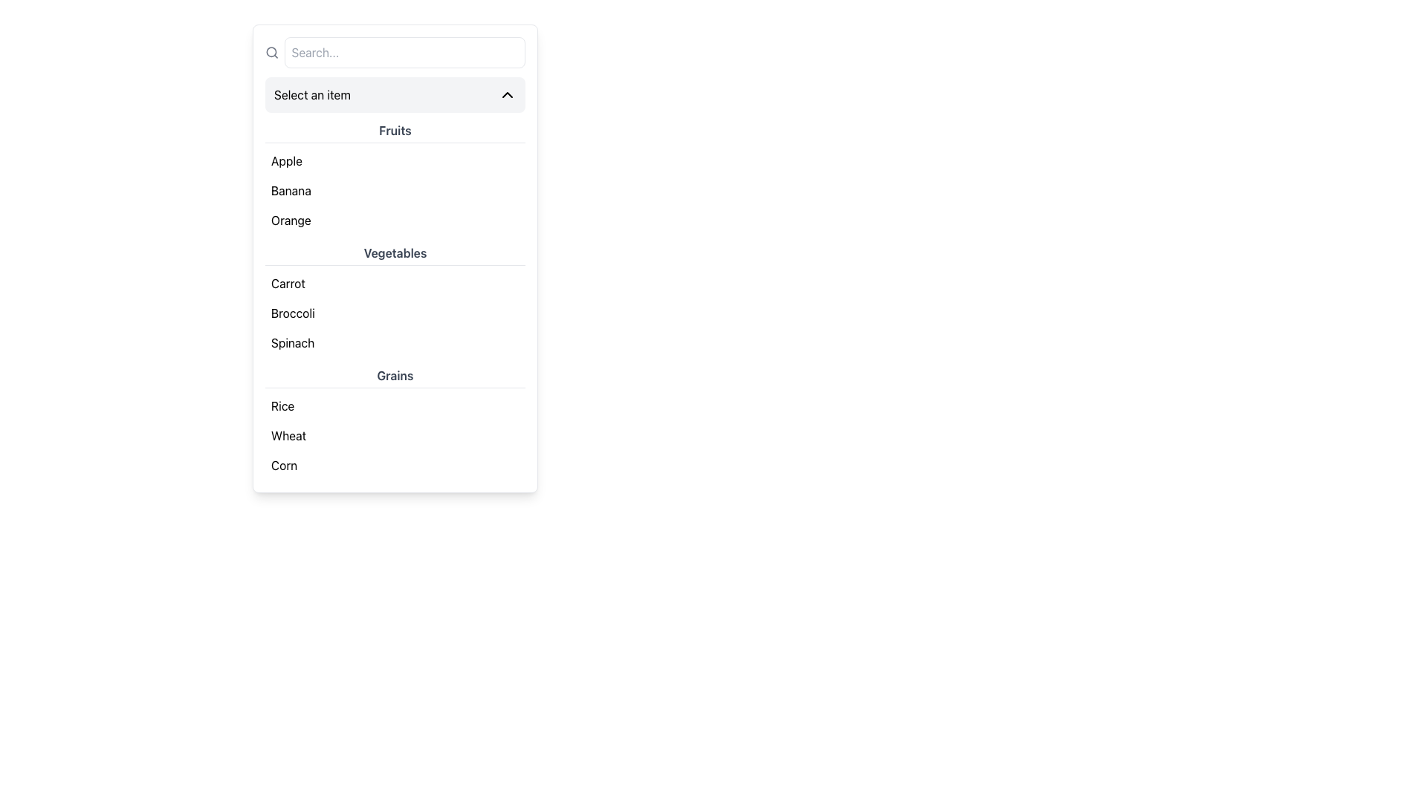 The image size is (1427, 802). What do you see at coordinates (395, 221) in the screenshot?
I see `the third item in the list labeled 'Orange'` at bounding box center [395, 221].